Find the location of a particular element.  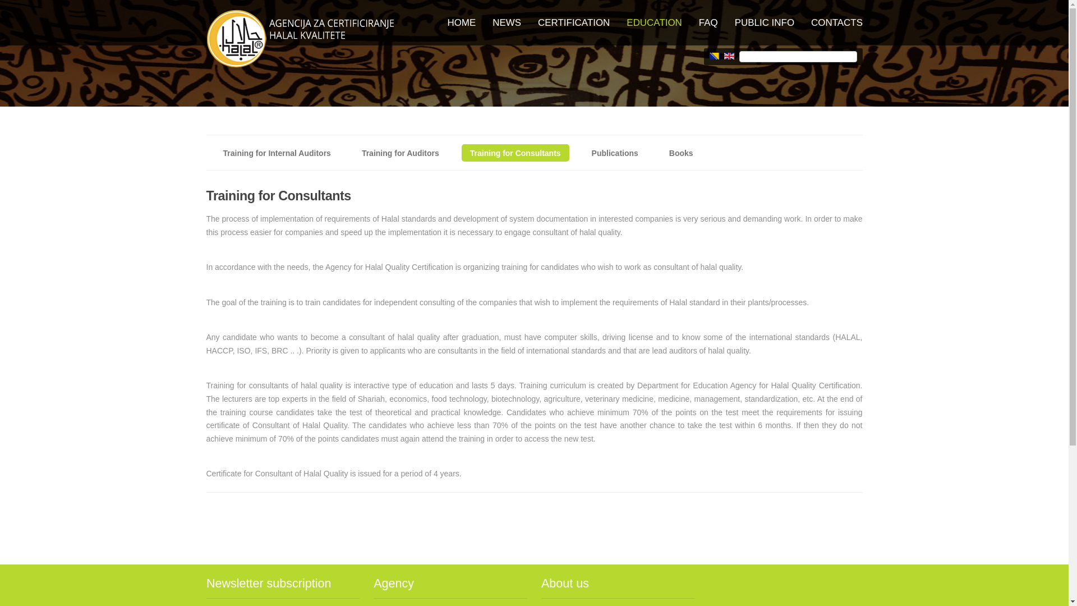

'Bosanski (BA)' is located at coordinates (714, 56).